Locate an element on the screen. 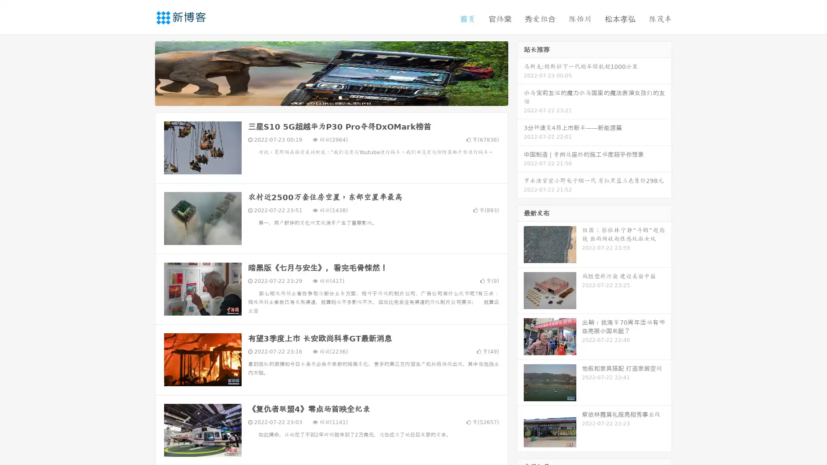  Go to slide 2 is located at coordinates (331, 97).